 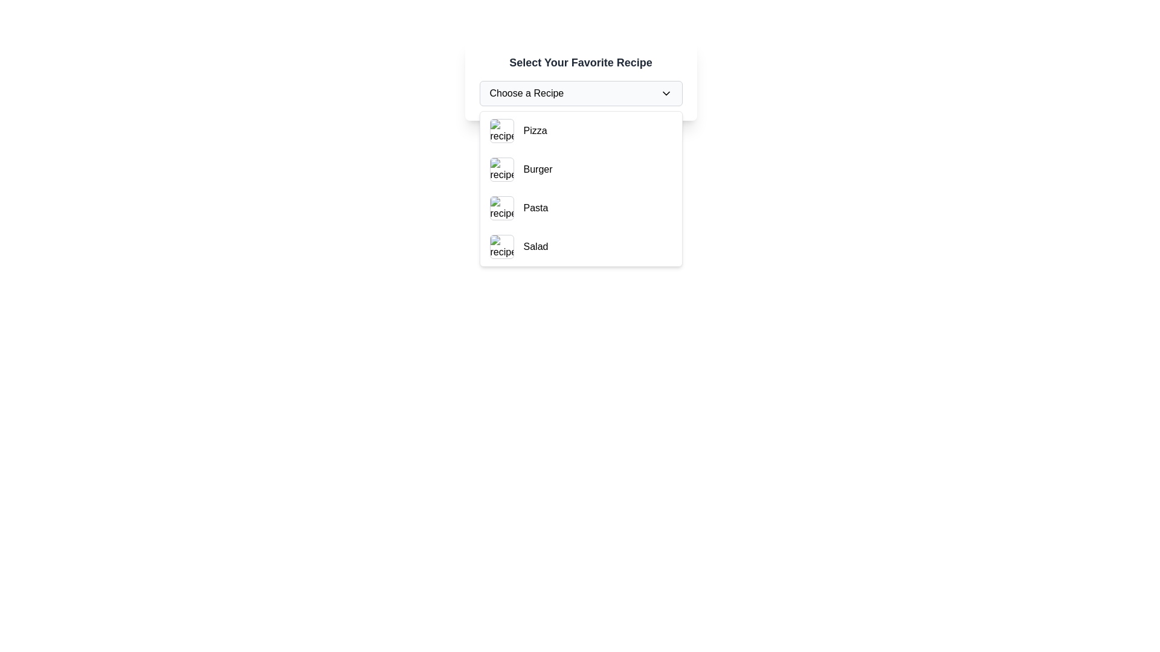 What do you see at coordinates (501, 207) in the screenshot?
I see `the image placeholder that represents an image with the alt text 'recipe', located to the left of the 'Pasta' entry in the dropdown list` at bounding box center [501, 207].